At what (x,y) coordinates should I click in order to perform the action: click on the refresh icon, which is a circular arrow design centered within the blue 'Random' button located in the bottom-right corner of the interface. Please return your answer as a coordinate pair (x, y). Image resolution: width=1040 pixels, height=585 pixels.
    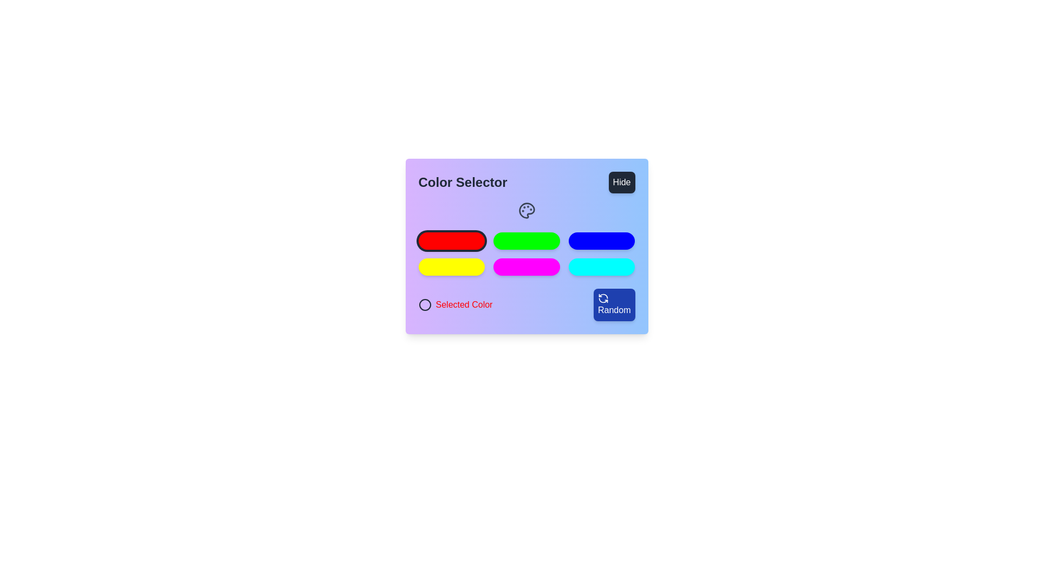
    Looking at the image, I should click on (602, 298).